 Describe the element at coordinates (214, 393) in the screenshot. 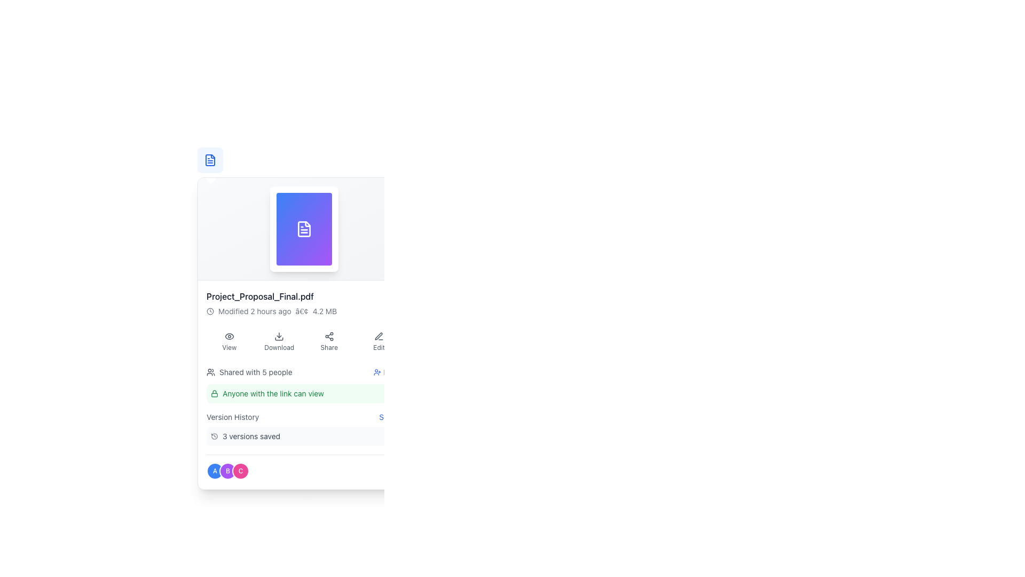

I see `the security lock icon located to the left of the text 'Anyone with the link can view' within the highlighted light green area` at that location.